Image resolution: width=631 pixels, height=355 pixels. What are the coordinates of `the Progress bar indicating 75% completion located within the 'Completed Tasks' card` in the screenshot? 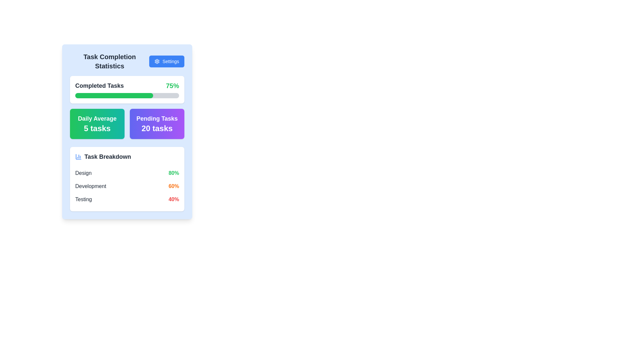 It's located at (127, 95).